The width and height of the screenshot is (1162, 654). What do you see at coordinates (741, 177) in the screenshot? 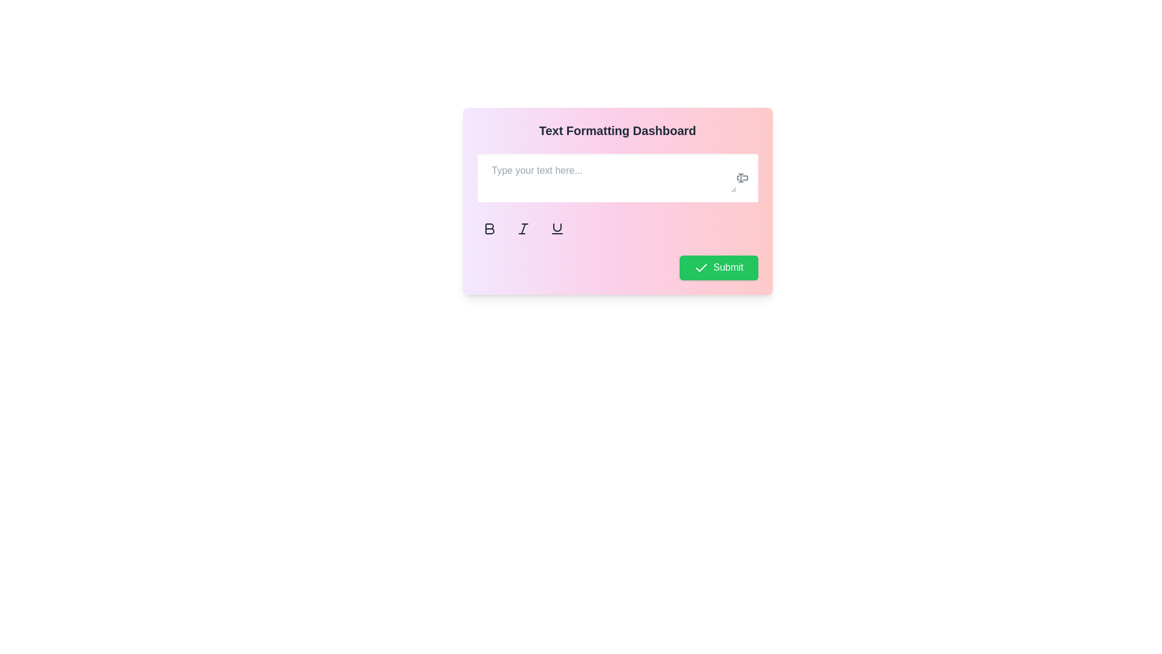
I see `the interactive icon located to the right of the 'Type your text here...' text placeholder, which serves as an interactive area for text input or cursor functionality` at bounding box center [741, 177].